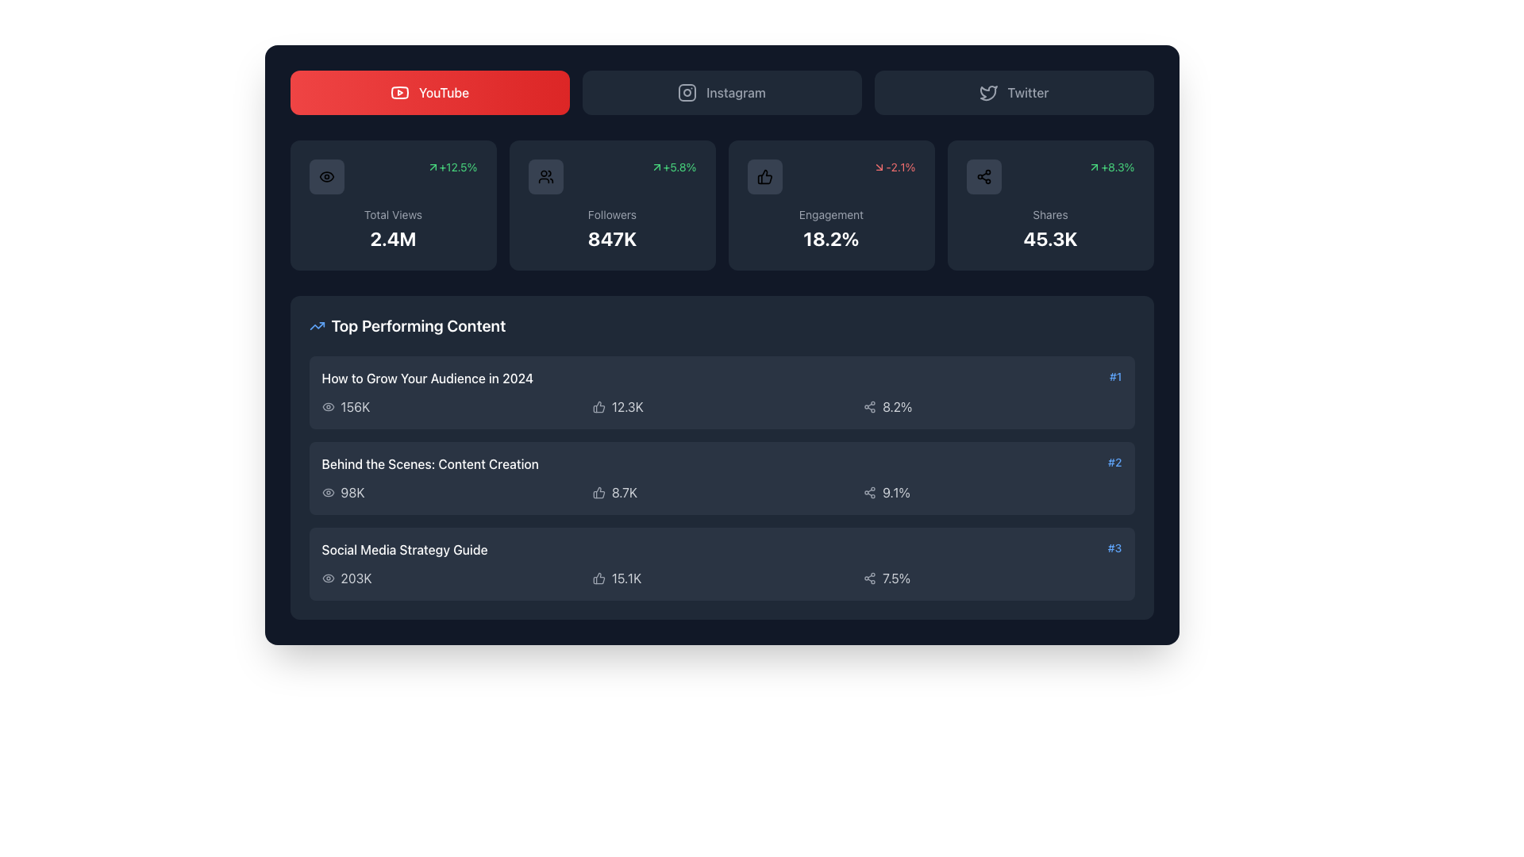  I want to click on the thumbs-up icon indicating user engagement for the entry 'Social Media Strategy Guide' in the 'Top Performing Content' section, so click(598, 578).